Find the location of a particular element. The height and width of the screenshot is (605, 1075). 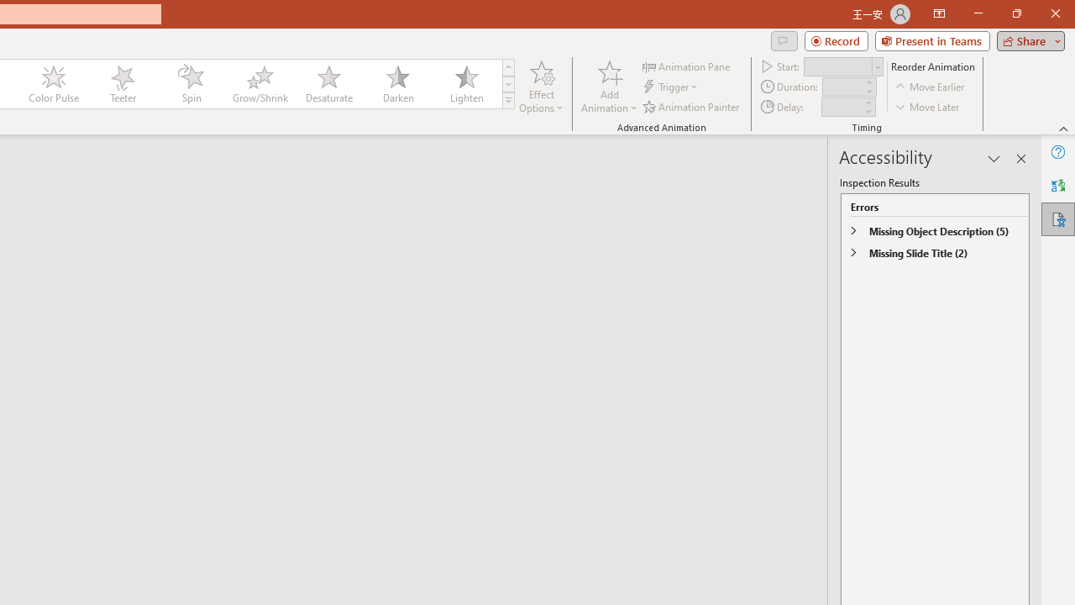

'Trigger' is located at coordinates (672, 87).